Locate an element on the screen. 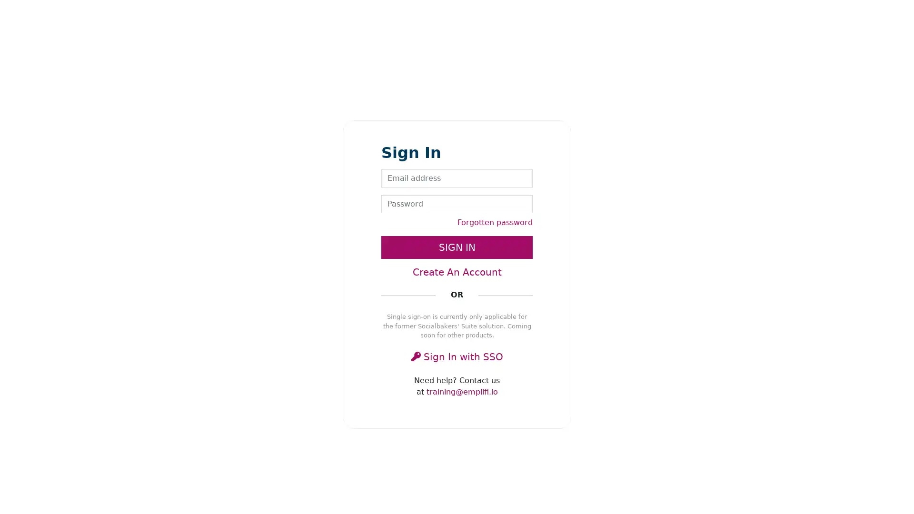 This screenshot has height=514, width=914. SIGN IN is located at coordinates (457, 247).